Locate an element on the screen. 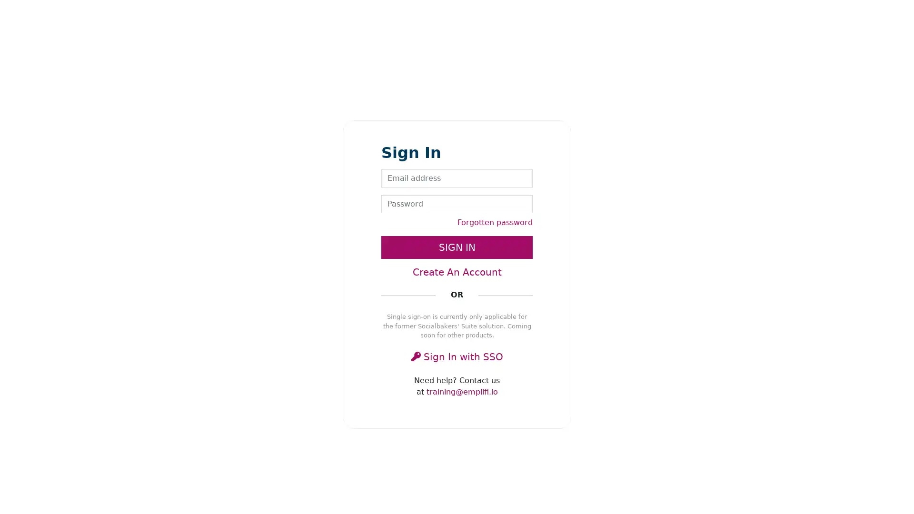 This screenshot has height=514, width=914. SIGN IN is located at coordinates (457, 247).